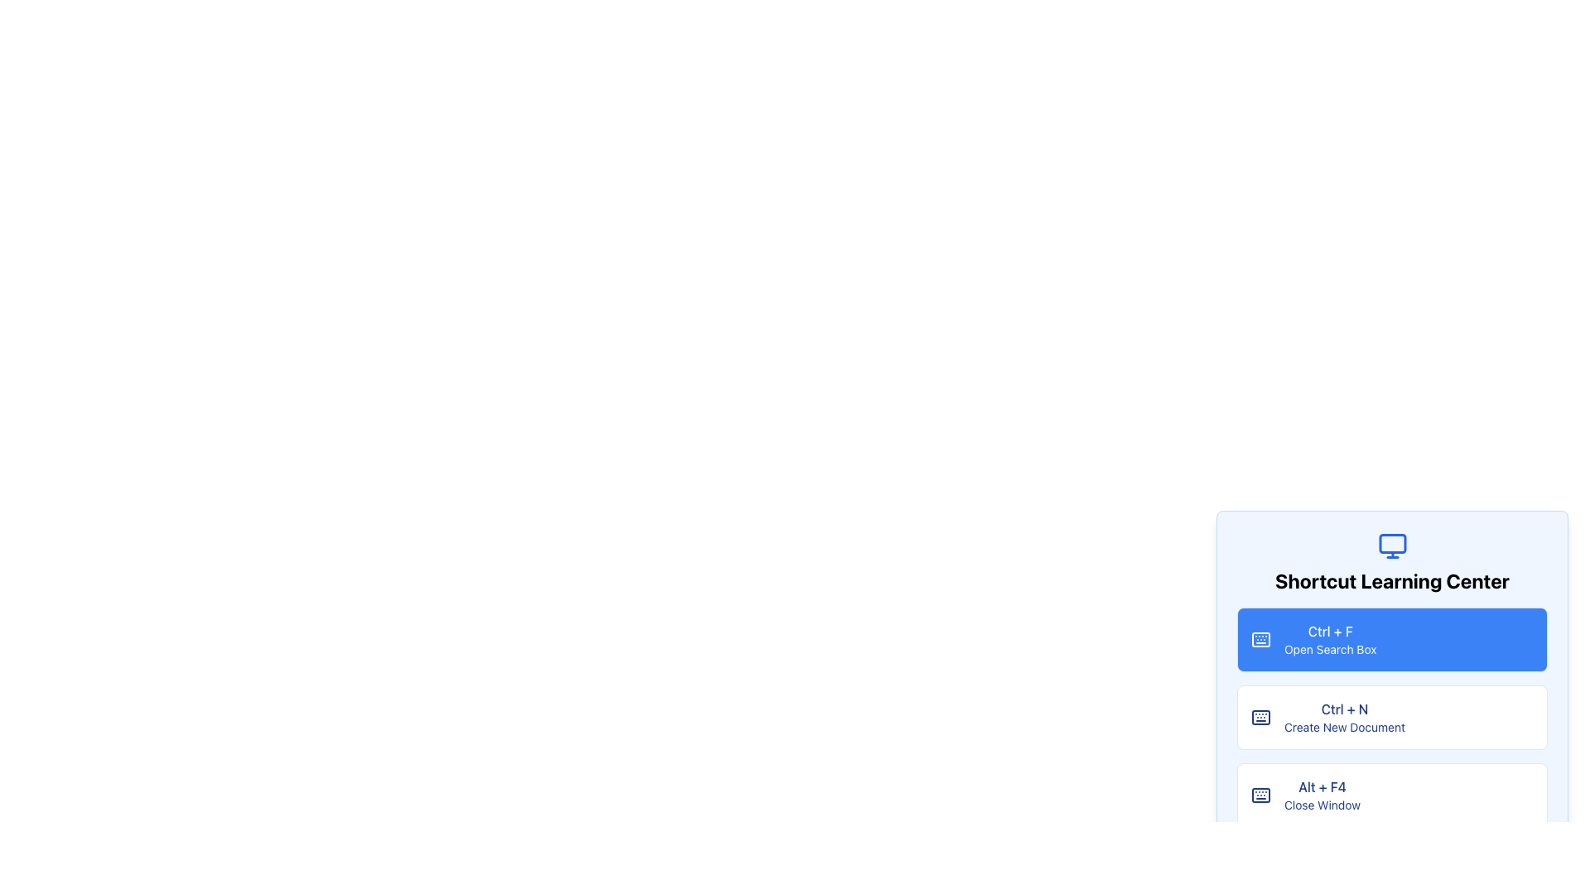 The image size is (1590, 894). I want to click on the text element that reads 'Shortcut Learning Center' to check for interactions, so click(1391, 580).